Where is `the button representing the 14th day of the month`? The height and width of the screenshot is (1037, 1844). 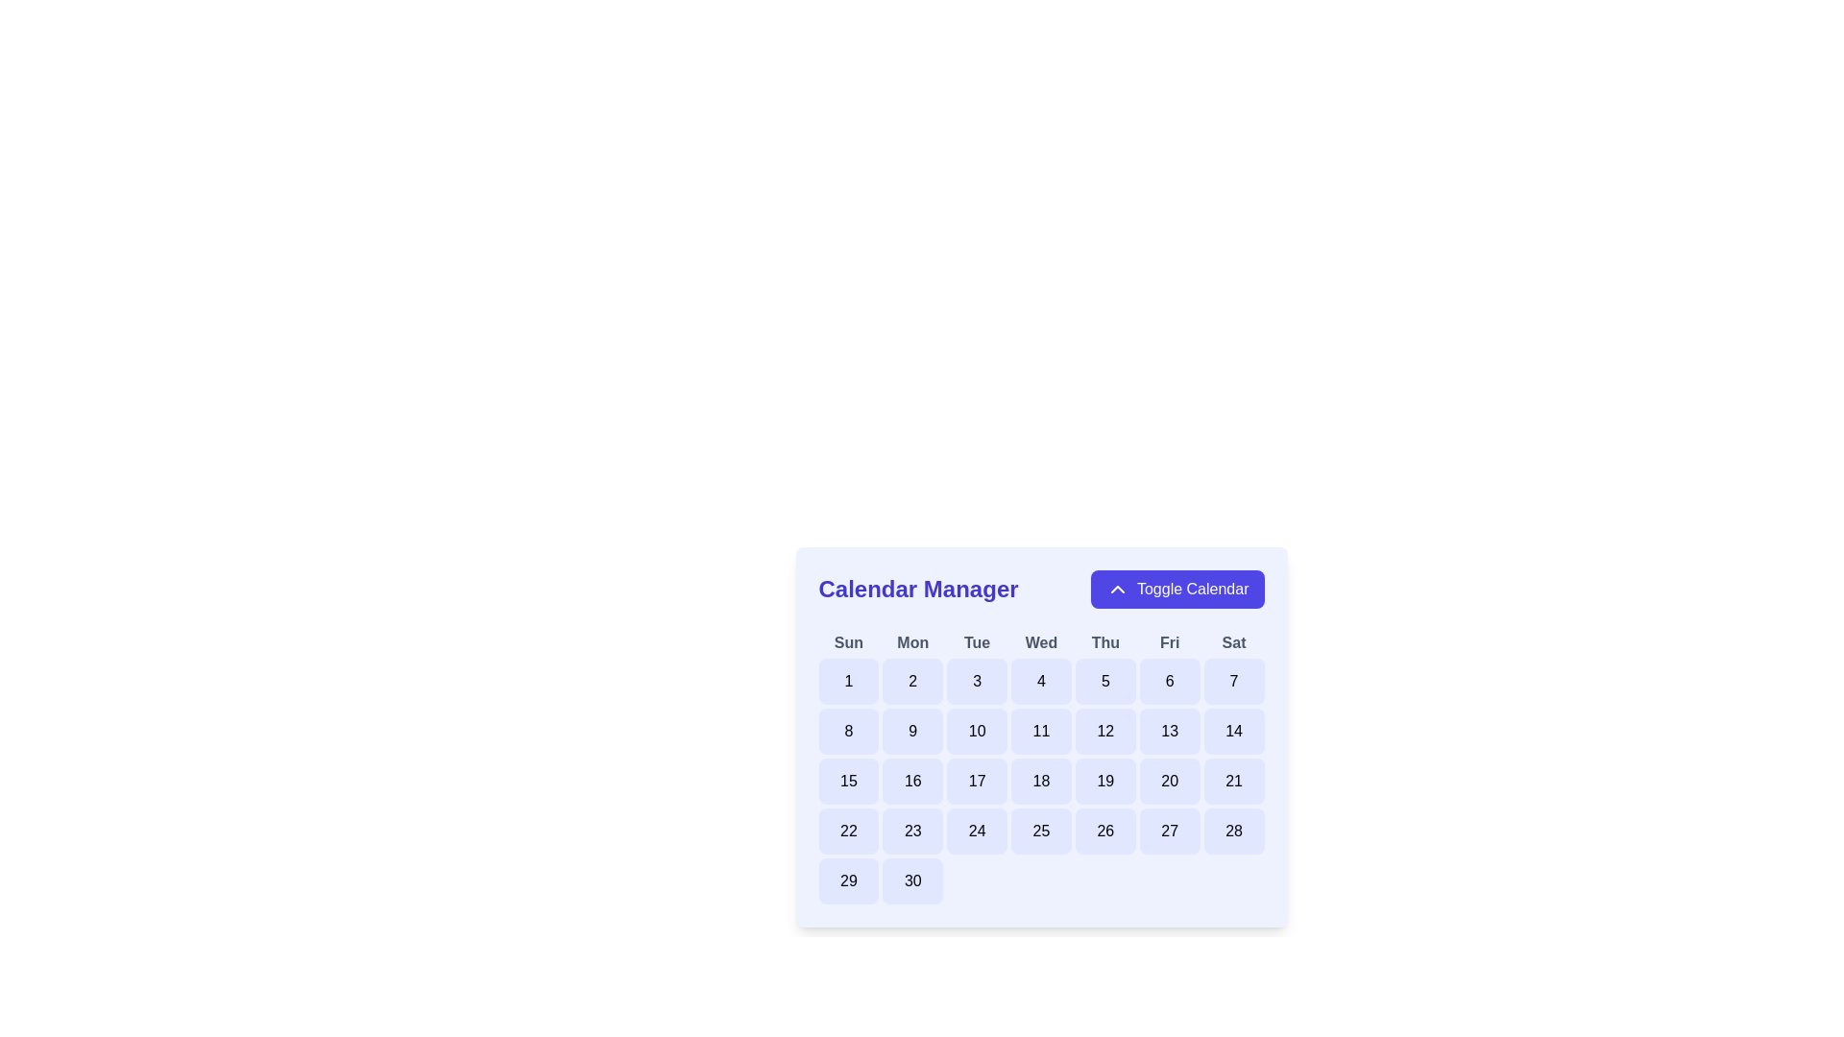
the button representing the 14th day of the month is located at coordinates (1234, 732).